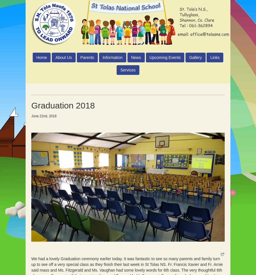 The height and width of the screenshot is (275, 256). I want to click on 'Information', so click(112, 57).